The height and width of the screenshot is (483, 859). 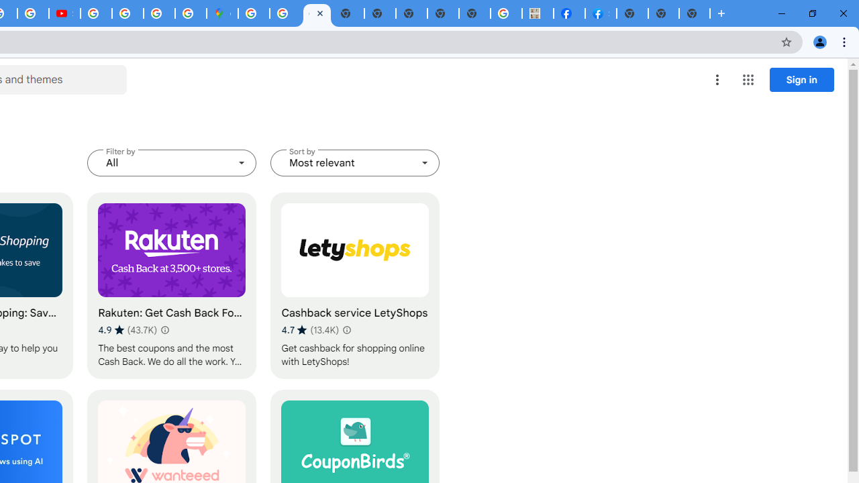 What do you see at coordinates (309, 329) in the screenshot?
I see `'Average rating 4.7 out of 5 stars. 13.4K ratings.'` at bounding box center [309, 329].